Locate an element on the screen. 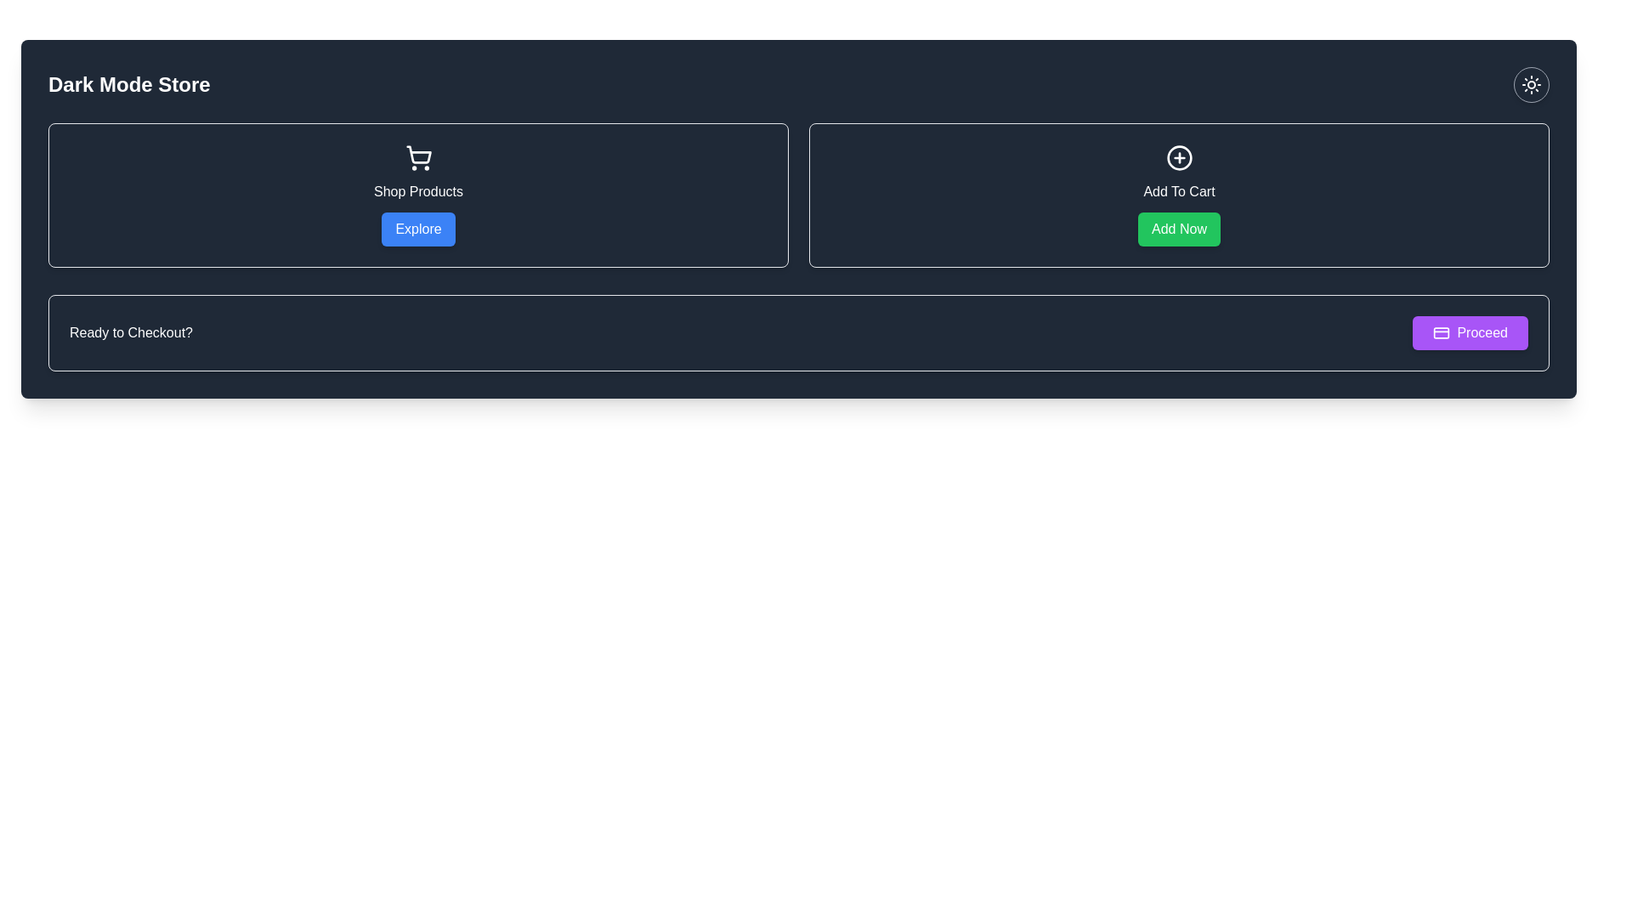 This screenshot has width=1632, height=918. the rectangular button with rounded corners and blue background that reads 'Explore' to initiate its action is located at coordinates (418, 229).